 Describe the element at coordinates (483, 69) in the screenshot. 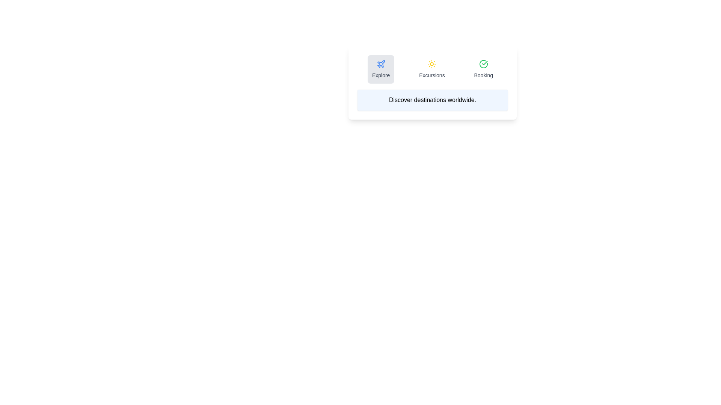

I see `the tab named Booking` at that location.